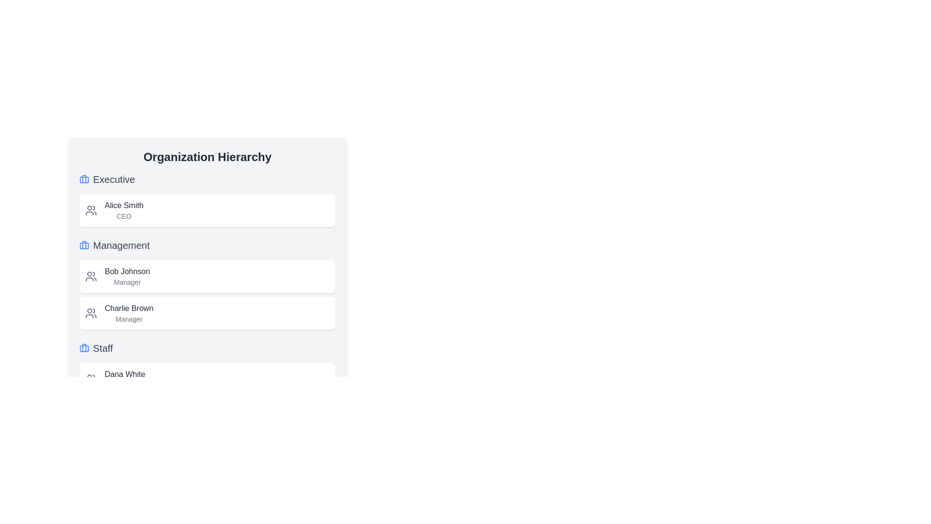 This screenshot has height=524, width=931. What do you see at coordinates (123, 210) in the screenshot?
I see `the non-interactive text display component that shows an individual's name and job position within the topmost card under the 'Executive' heading in the 'Organization Hierarchy' section` at bounding box center [123, 210].